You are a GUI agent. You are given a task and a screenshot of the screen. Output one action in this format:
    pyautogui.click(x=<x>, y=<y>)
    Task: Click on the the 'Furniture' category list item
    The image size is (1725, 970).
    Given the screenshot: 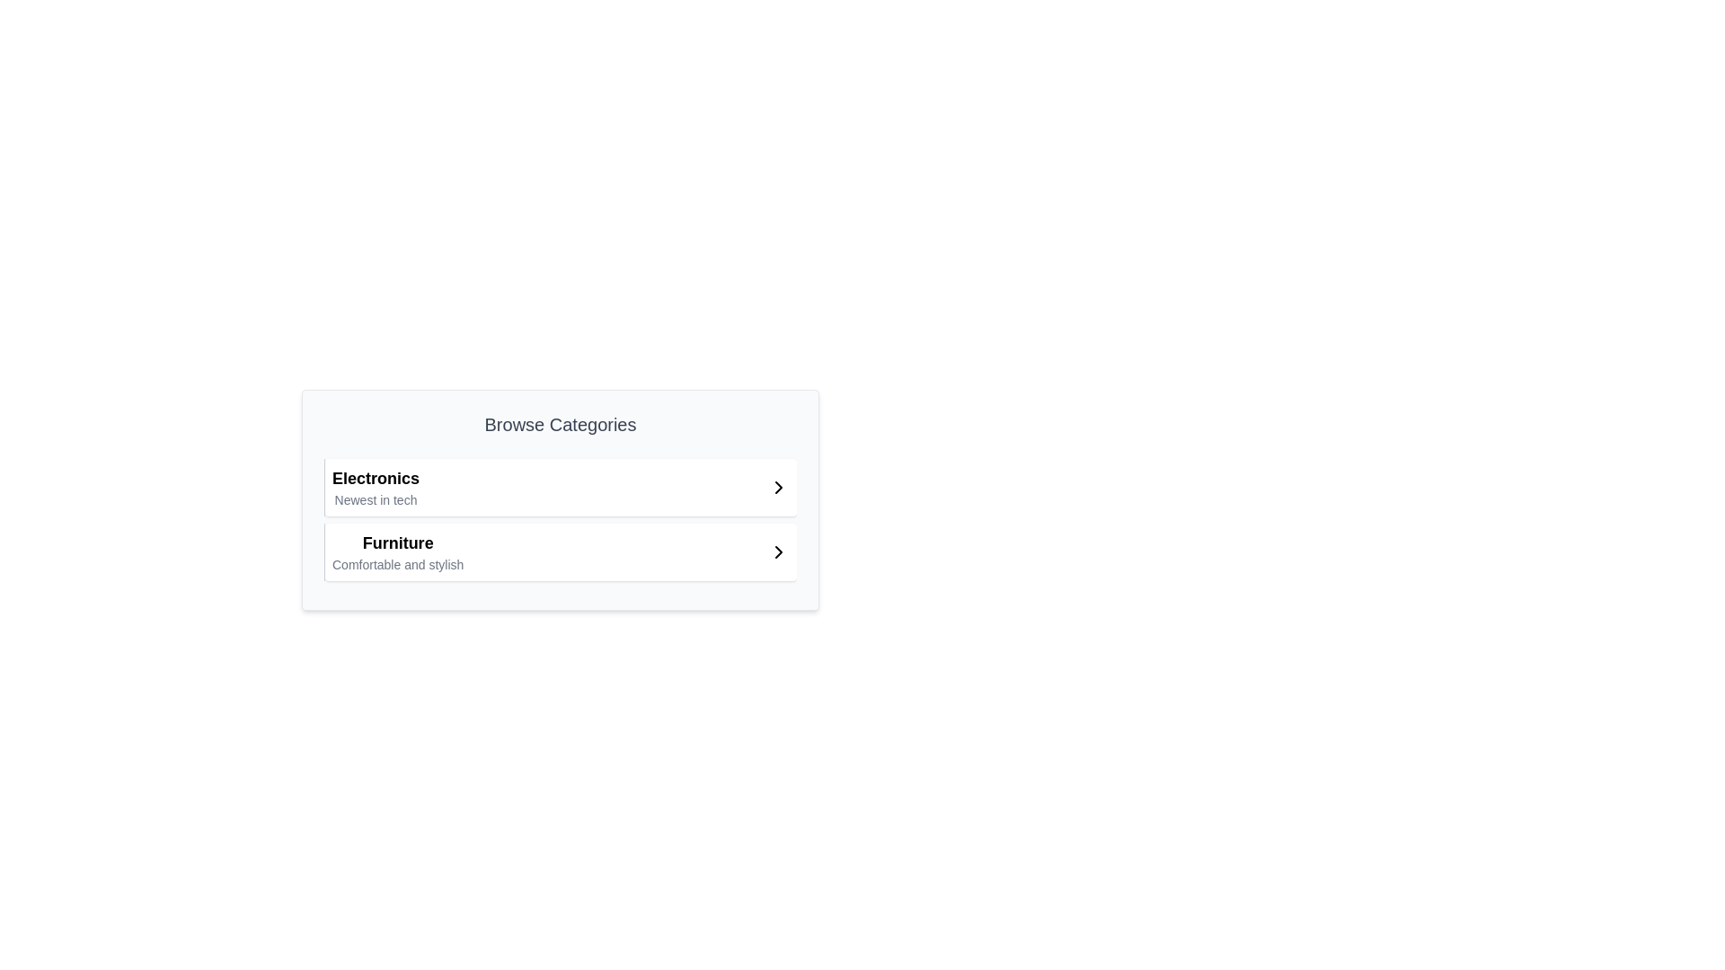 What is the action you would take?
    pyautogui.click(x=560, y=551)
    